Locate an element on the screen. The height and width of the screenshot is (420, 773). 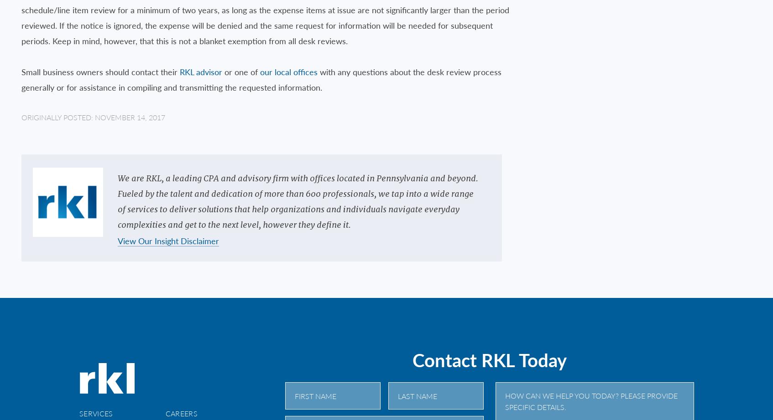
'Services' is located at coordinates (96, 412).